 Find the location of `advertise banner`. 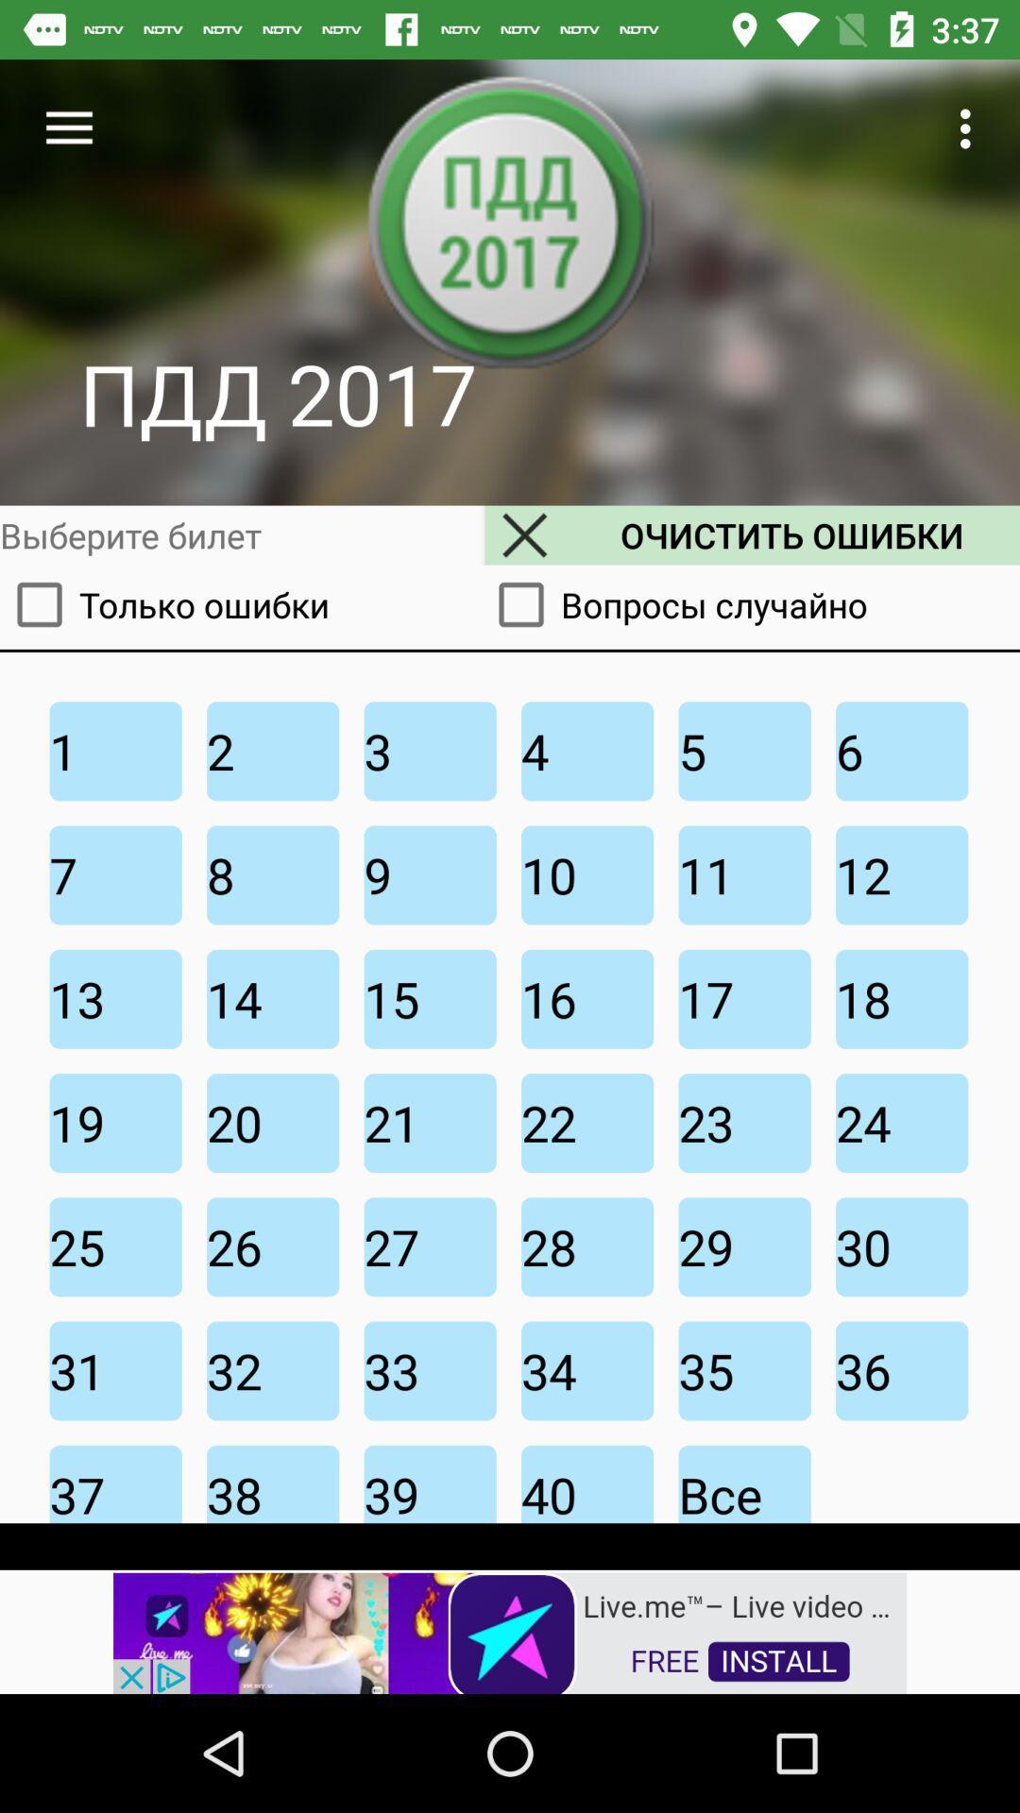

advertise banner is located at coordinates (510, 1631).